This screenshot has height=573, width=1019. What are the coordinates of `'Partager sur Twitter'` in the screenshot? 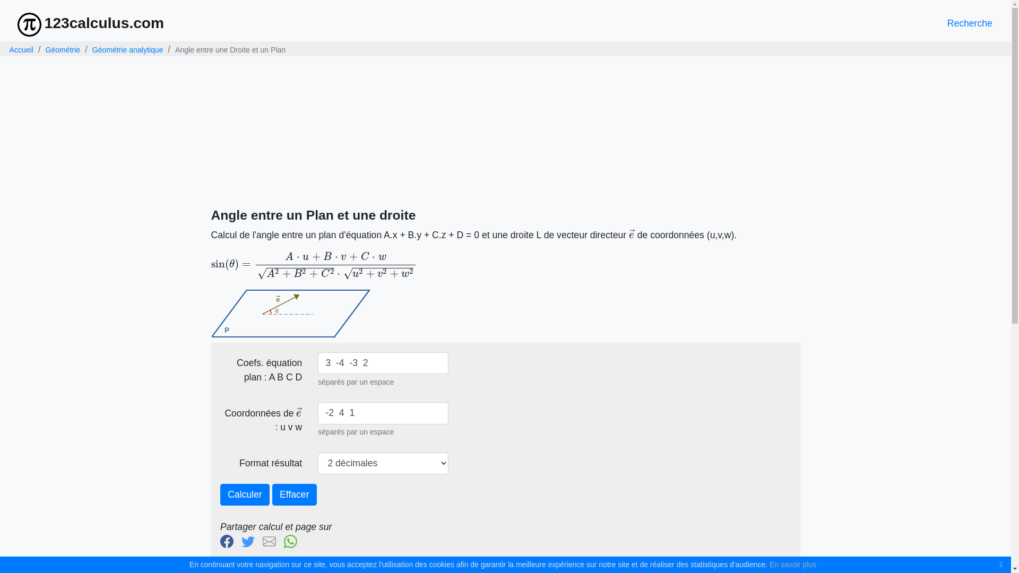 It's located at (250, 540).